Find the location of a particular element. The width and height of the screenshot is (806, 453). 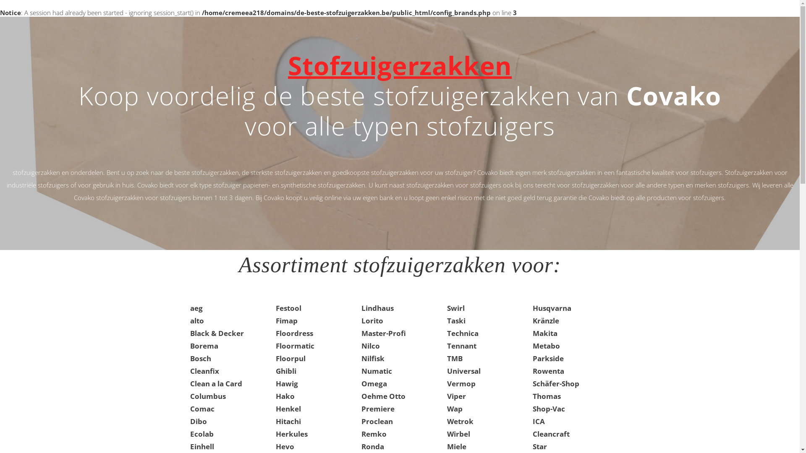

'Hitachi' is located at coordinates (275, 421).